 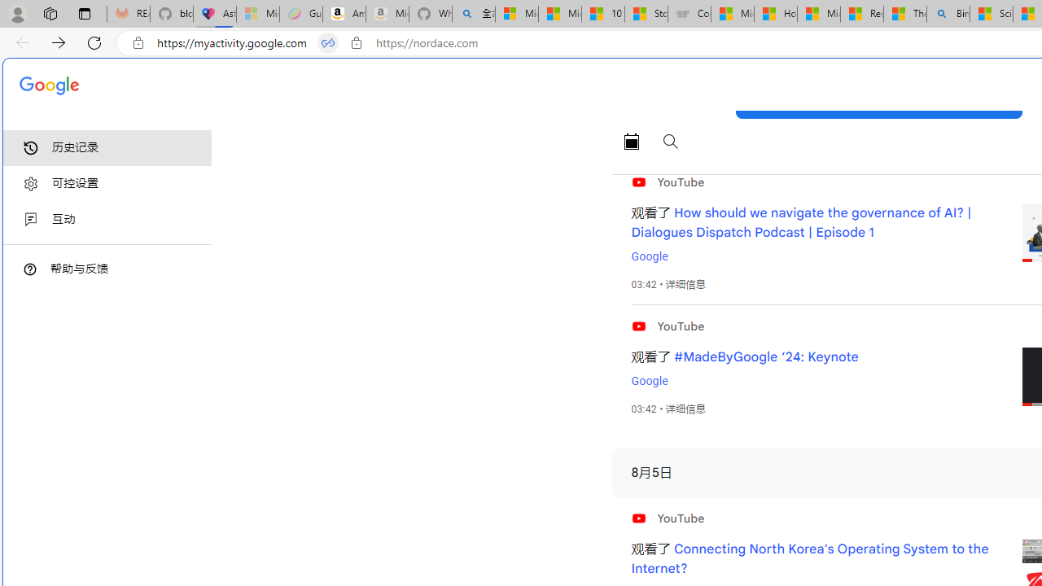 What do you see at coordinates (30, 268) in the screenshot?
I see `'Class: DTiKkd NMm5M'` at bounding box center [30, 268].